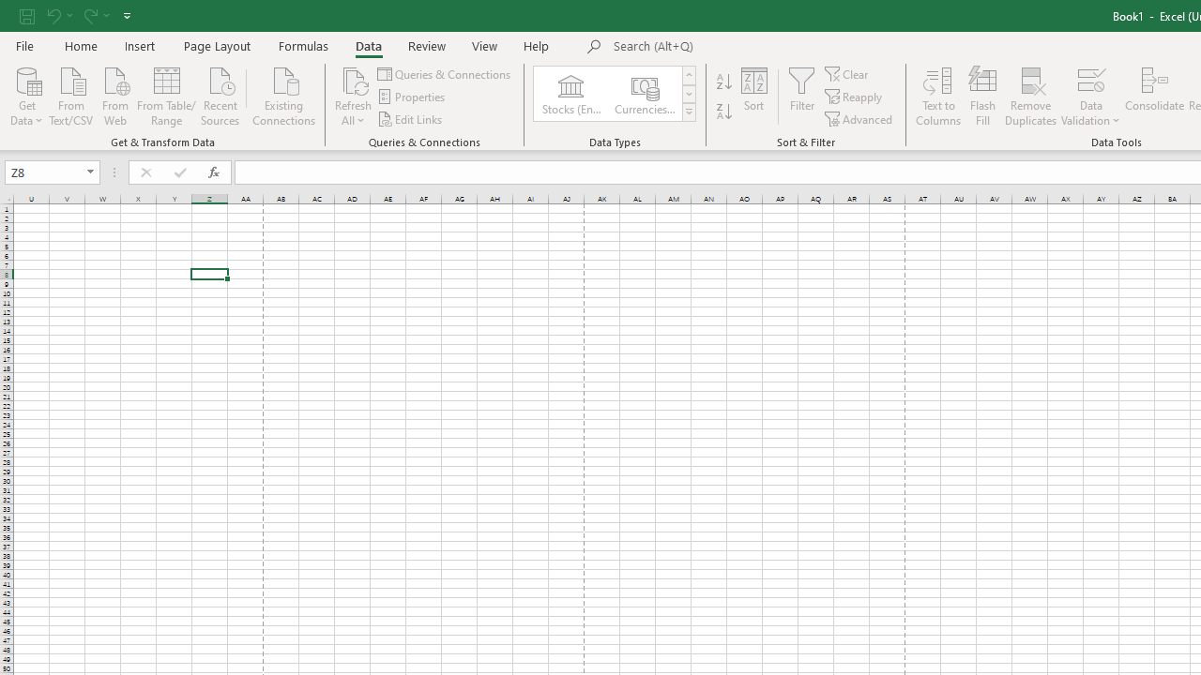 Image resolution: width=1201 pixels, height=675 pixels. What do you see at coordinates (412, 97) in the screenshot?
I see `'Properties'` at bounding box center [412, 97].